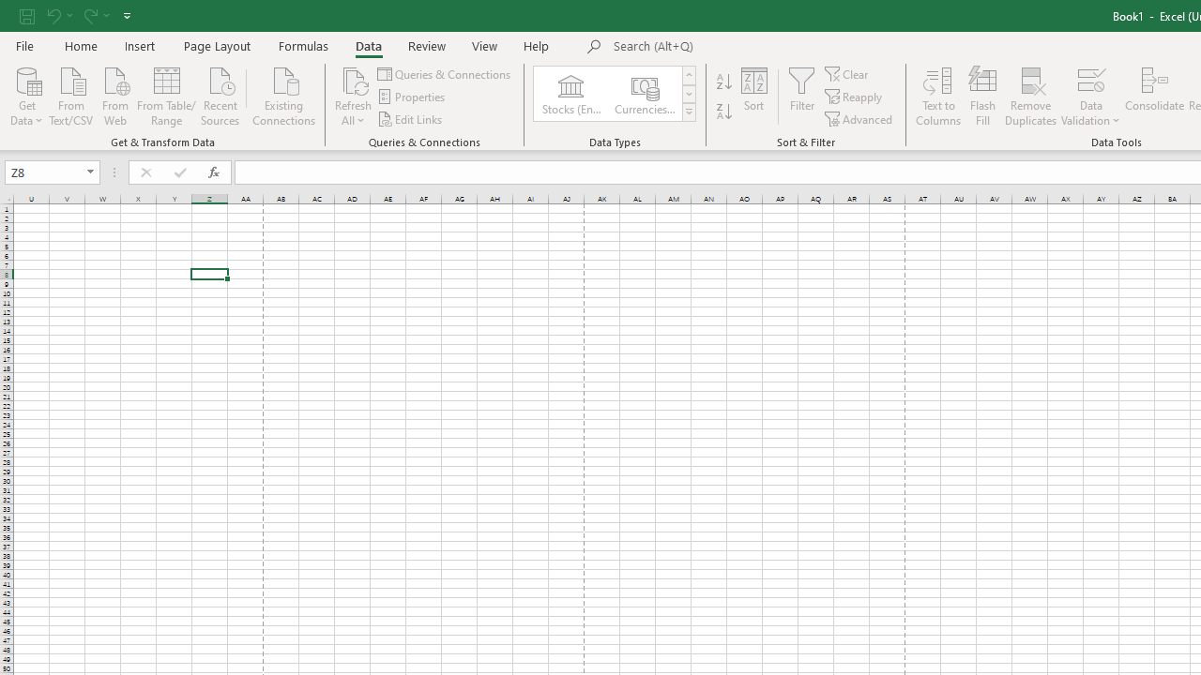 Image resolution: width=1201 pixels, height=675 pixels. What do you see at coordinates (412, 97) in the screenshot?
I see `'Properties'` at bounding box center [412, 97].